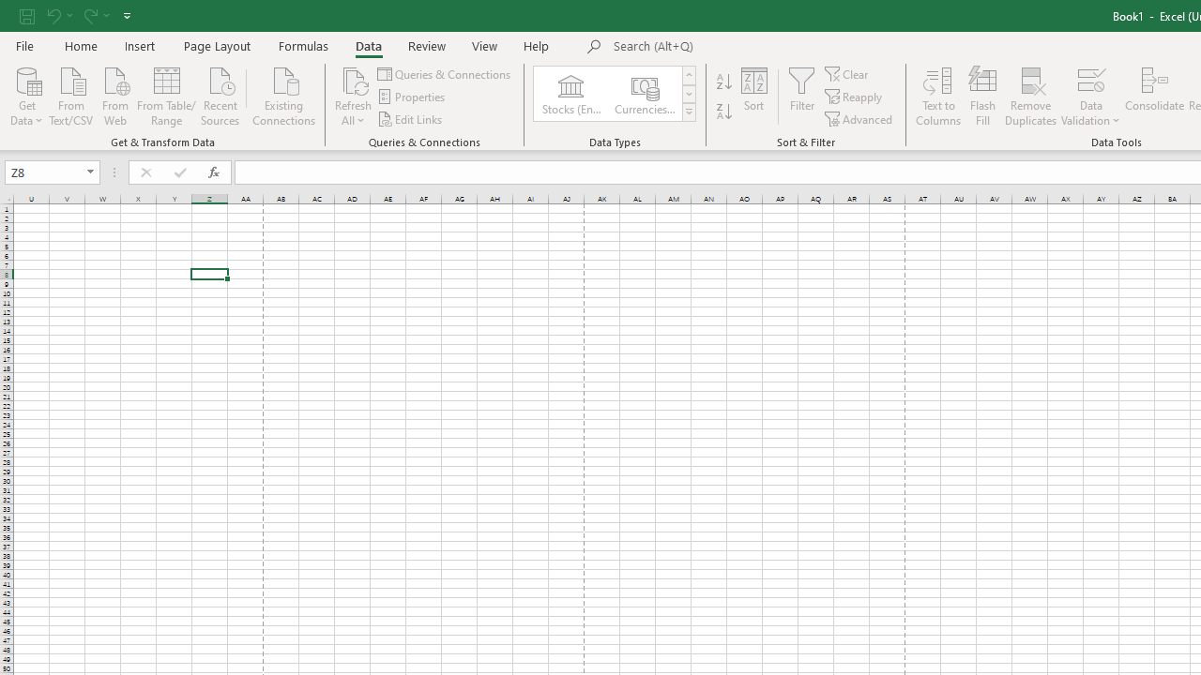 Image resolution: width=1201 pixels, height=675 pixels. What do you see at coordinates (412, 97) in the screenshot?
I see `'Properties'` at bounding box center [412, 97].